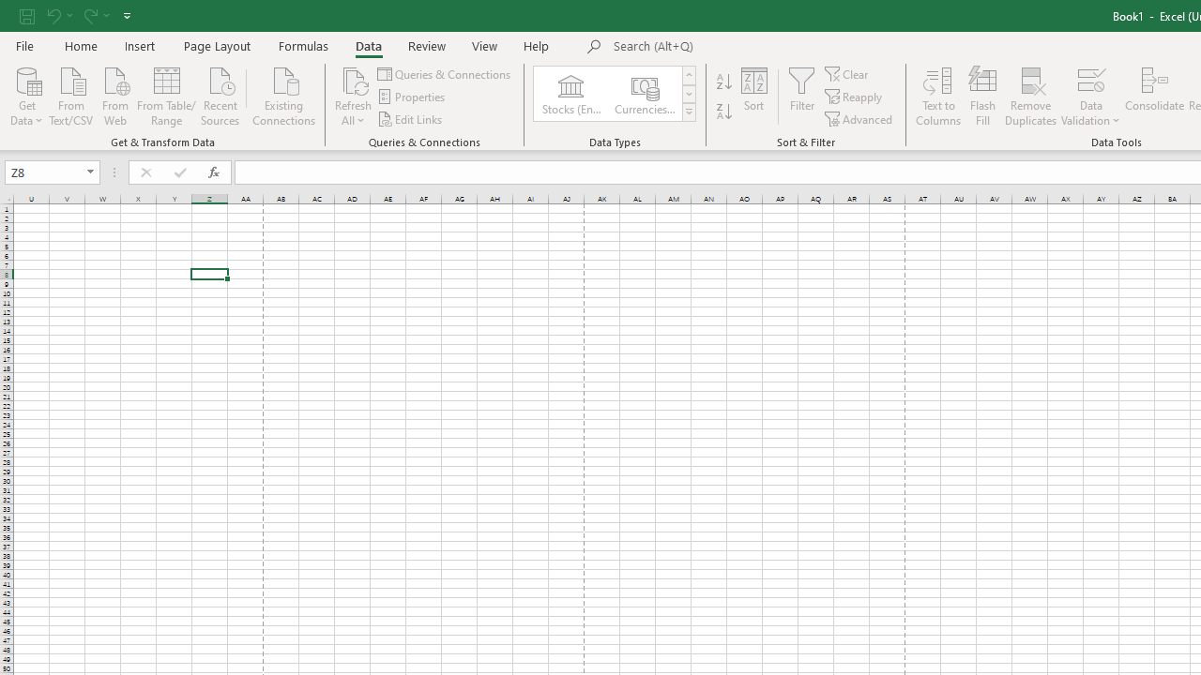 Image resolution: width=1201 pixels, height=675 pixels. What do you see at coordinates (412, 97) in the screenshot?
I see `'Properties'` at bounding box center [412, 97].